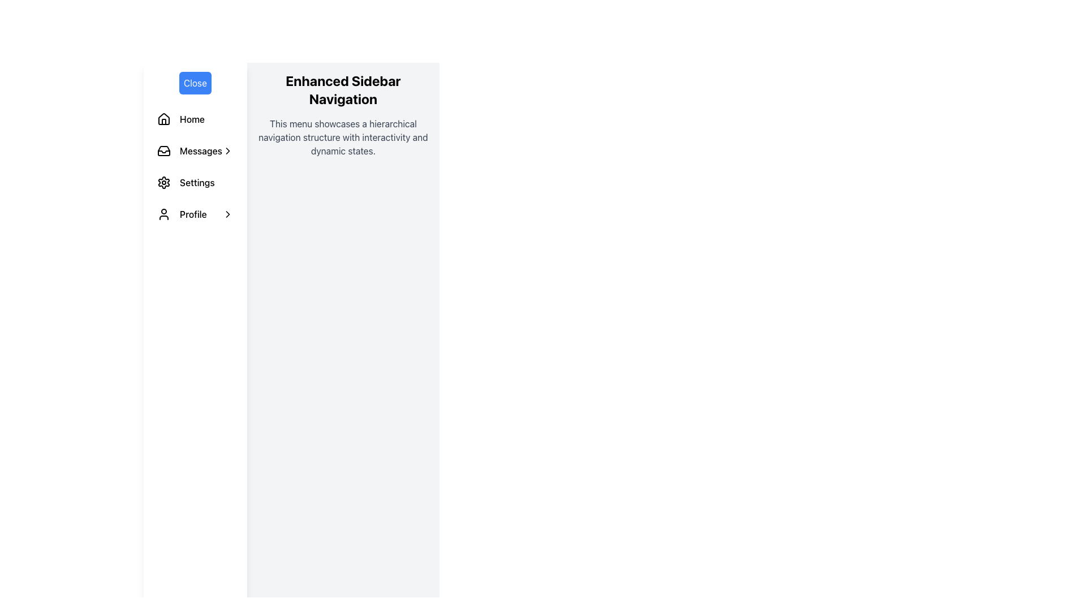 This screenshot has height=611, width=1086. Describe the element at coordinates (195, 150) in the screenshot. I see `the Messages button located in the sidebar, which is the second item in the vertical list of navigational items after 'Home'` at that location.